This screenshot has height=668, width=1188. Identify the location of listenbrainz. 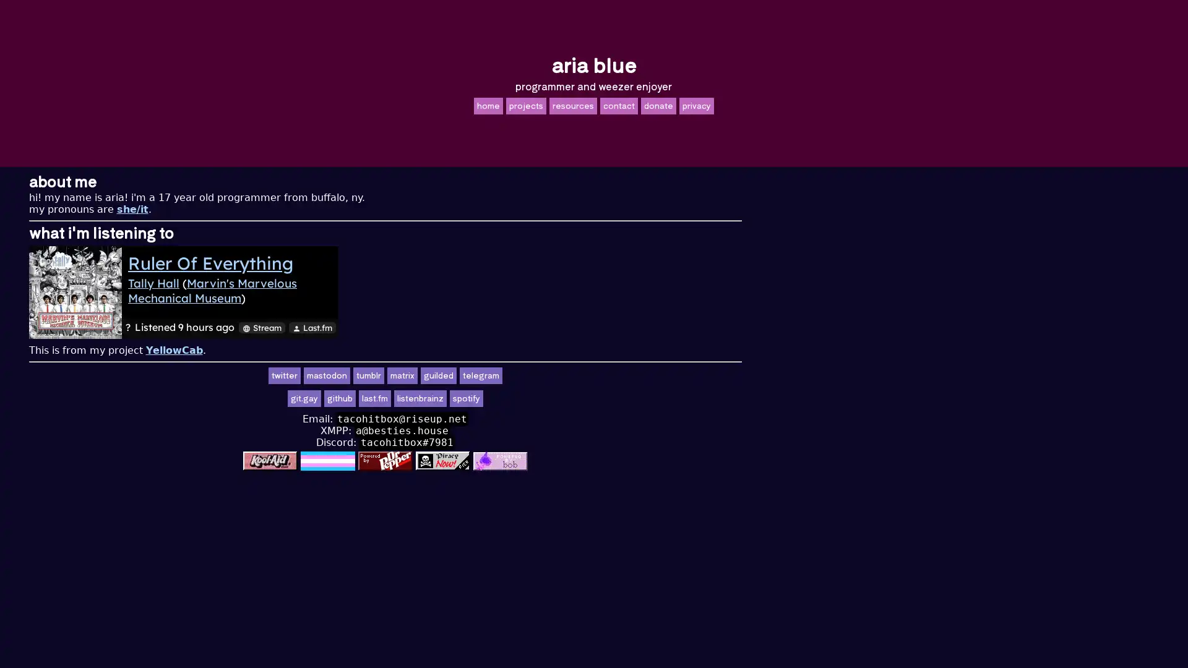
(629, 398).